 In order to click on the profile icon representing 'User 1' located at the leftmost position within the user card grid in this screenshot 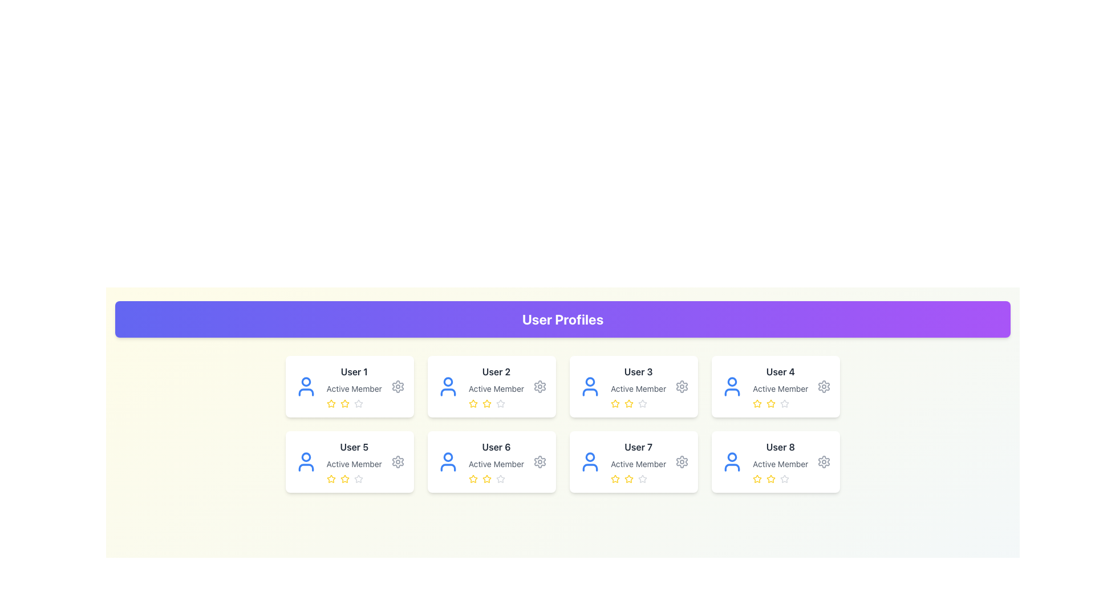, I will do `click(306, 386)`.